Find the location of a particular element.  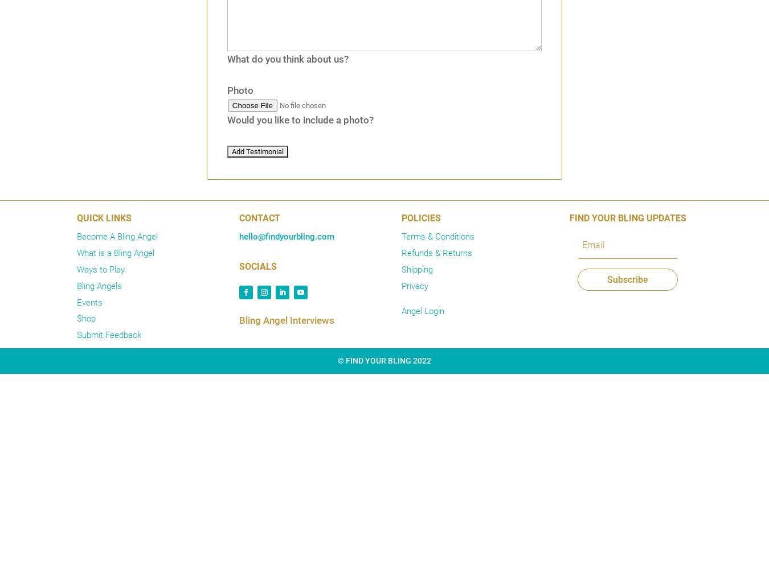

'Shop' is located at coordinates (86, 319).